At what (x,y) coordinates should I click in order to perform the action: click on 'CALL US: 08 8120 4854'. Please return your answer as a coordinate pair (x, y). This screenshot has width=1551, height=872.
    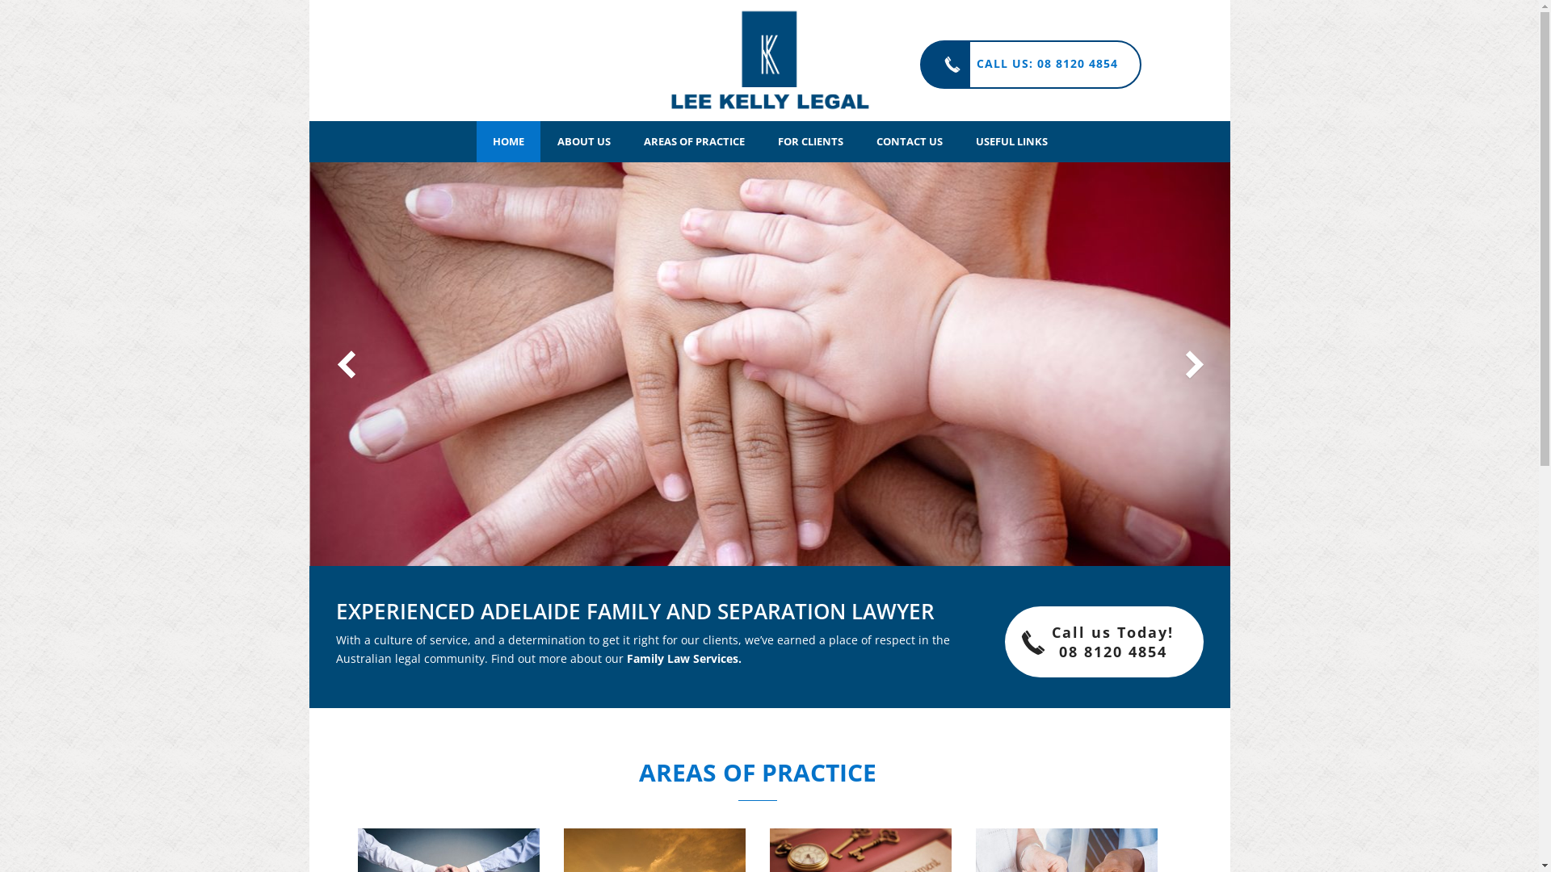
    Looking at the image, I should click on (1029, 64).